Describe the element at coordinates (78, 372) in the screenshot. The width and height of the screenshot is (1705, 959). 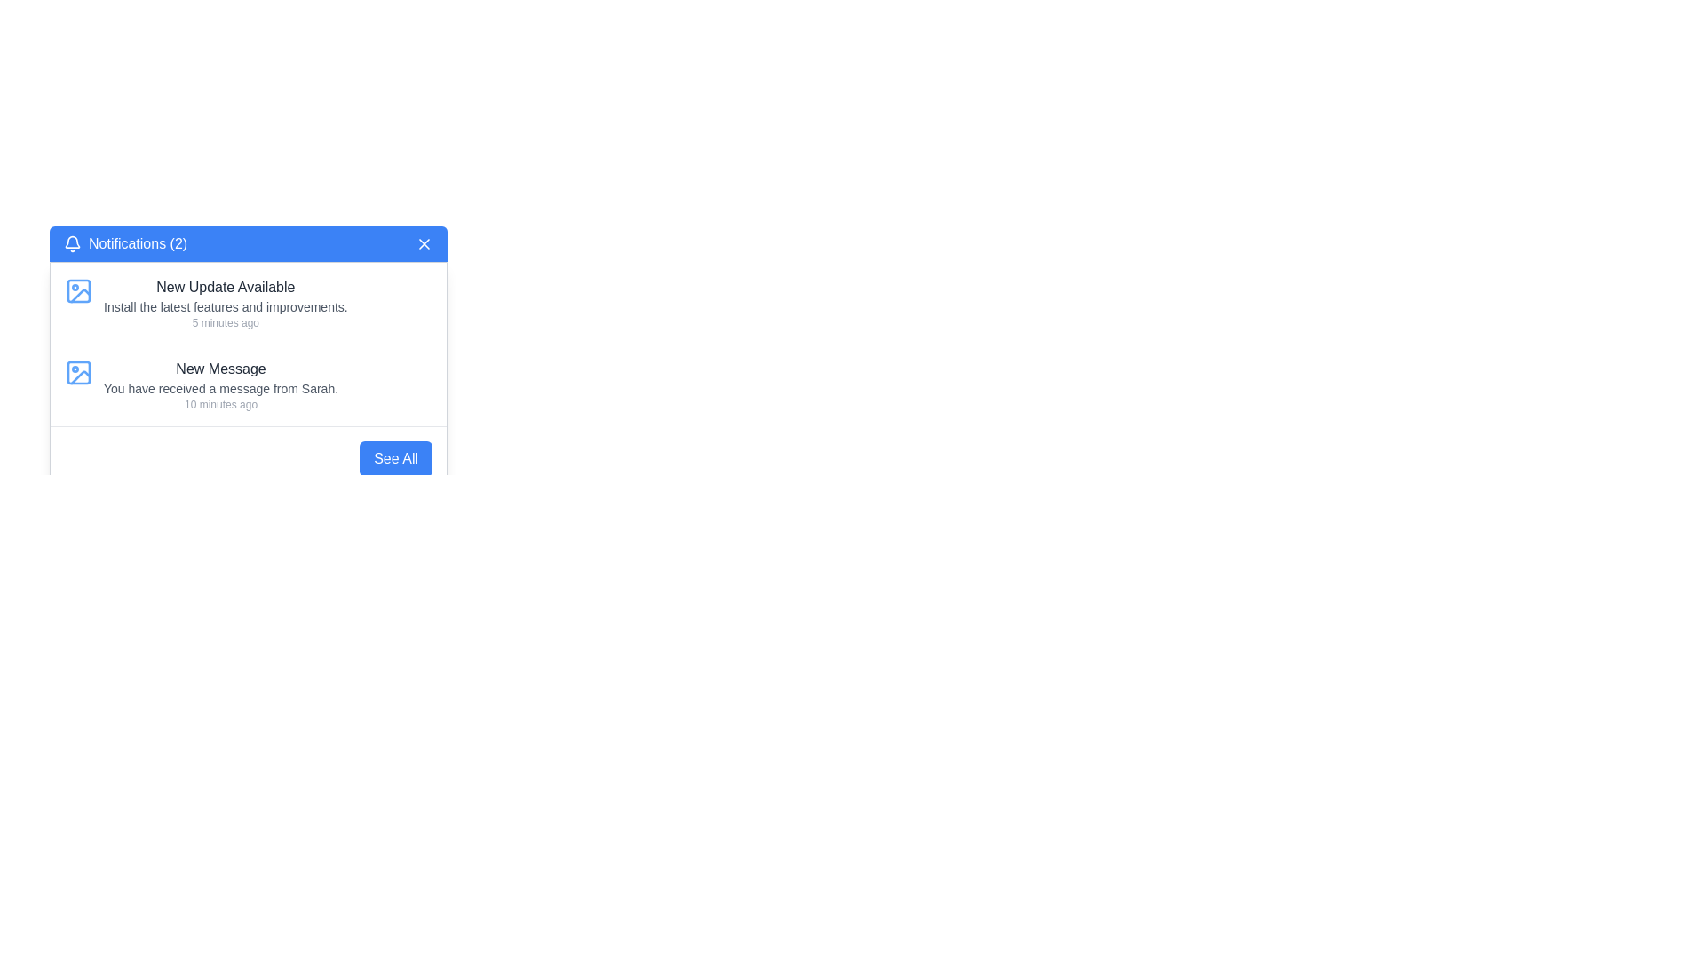
I see `the Decorative SVG shape that serves as a background for the 'New Update Available' notification icon` at that location.